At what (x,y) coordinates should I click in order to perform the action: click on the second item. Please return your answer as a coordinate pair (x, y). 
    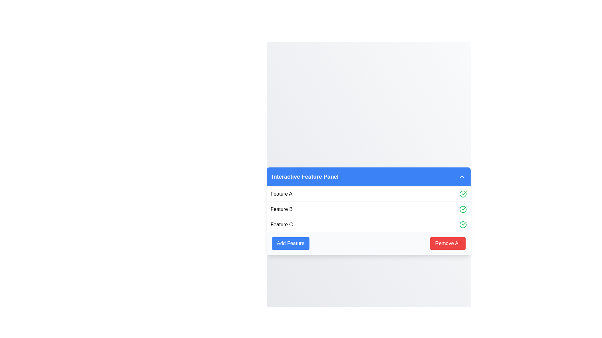
    Looking at the image, I should click on (369, 209).